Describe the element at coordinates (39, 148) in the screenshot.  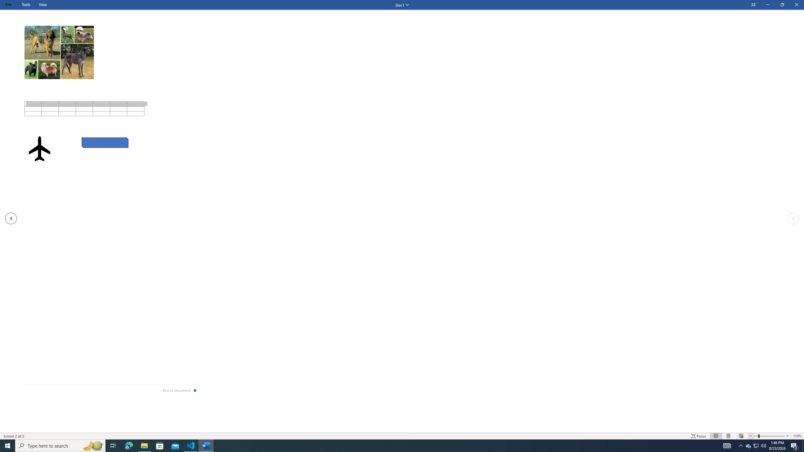
I see `'Airplane with solid fill'` at that location.